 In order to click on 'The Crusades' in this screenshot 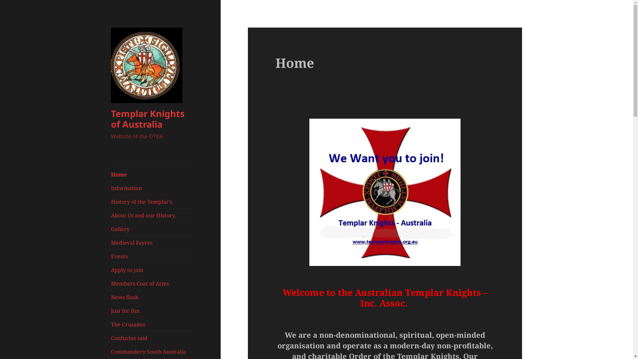, I will do `click(152, 324)`.